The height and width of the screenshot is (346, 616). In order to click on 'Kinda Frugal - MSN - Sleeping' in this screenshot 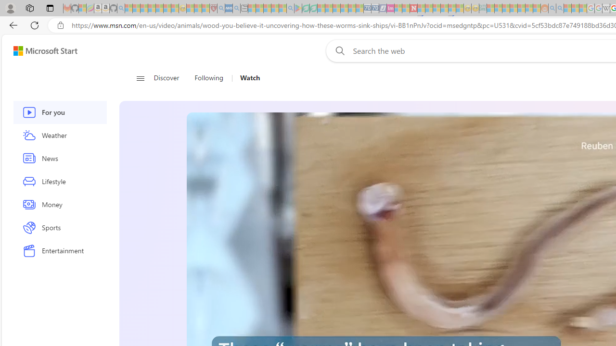, I will do `click(521, 8)`.